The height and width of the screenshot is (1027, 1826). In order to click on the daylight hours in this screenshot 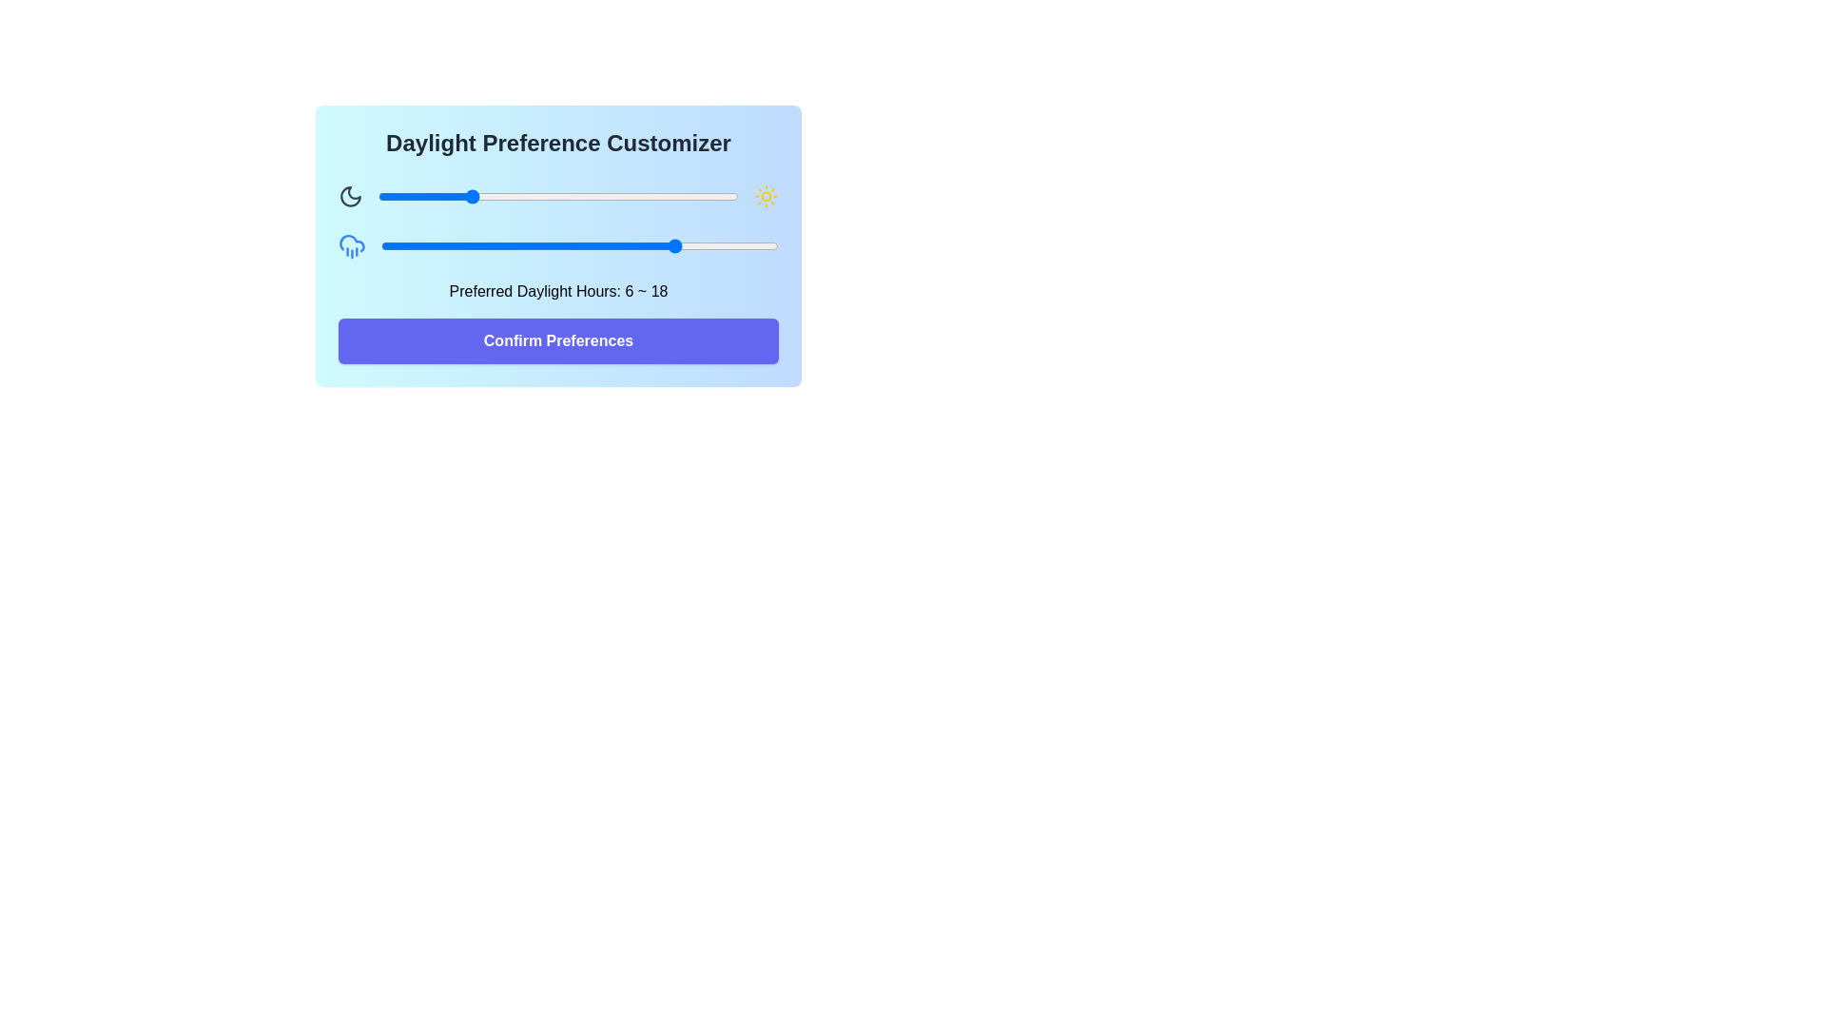, I will do `click(557, 197)`.